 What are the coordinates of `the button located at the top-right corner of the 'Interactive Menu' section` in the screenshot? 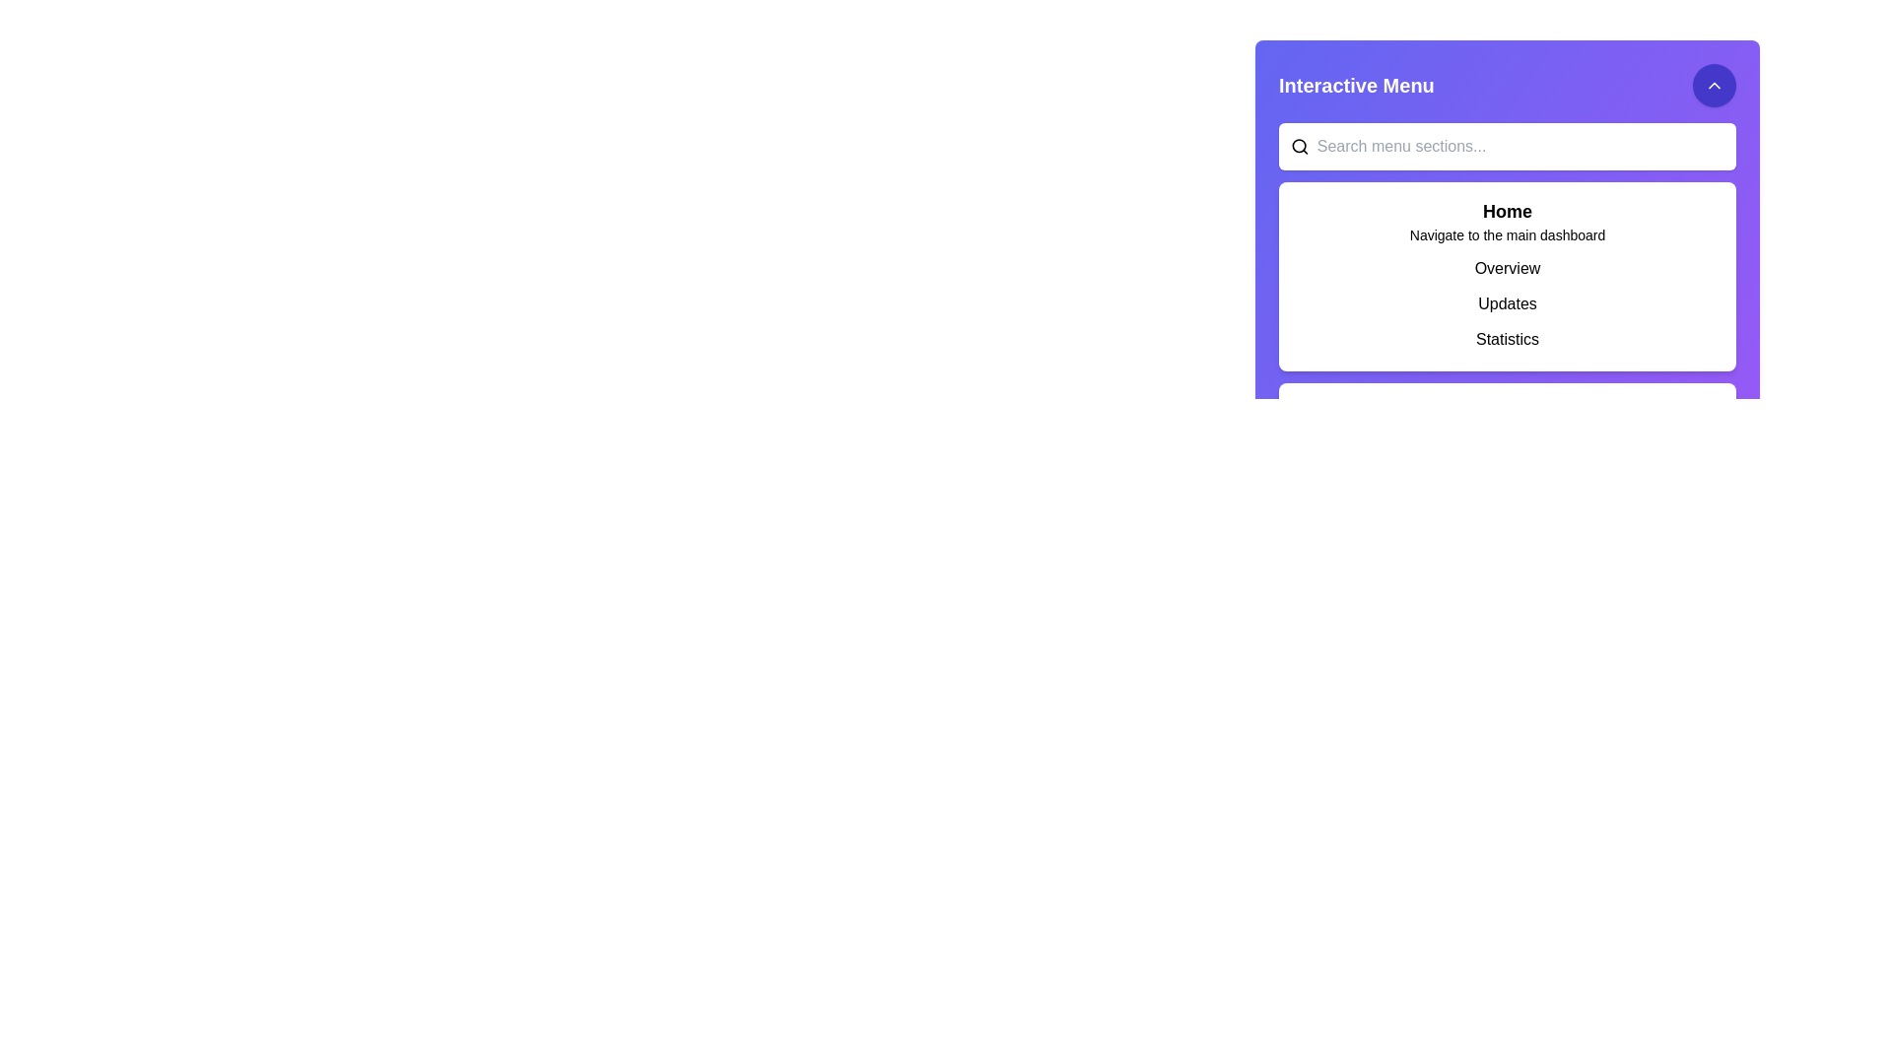 It's located at (1713, 85).